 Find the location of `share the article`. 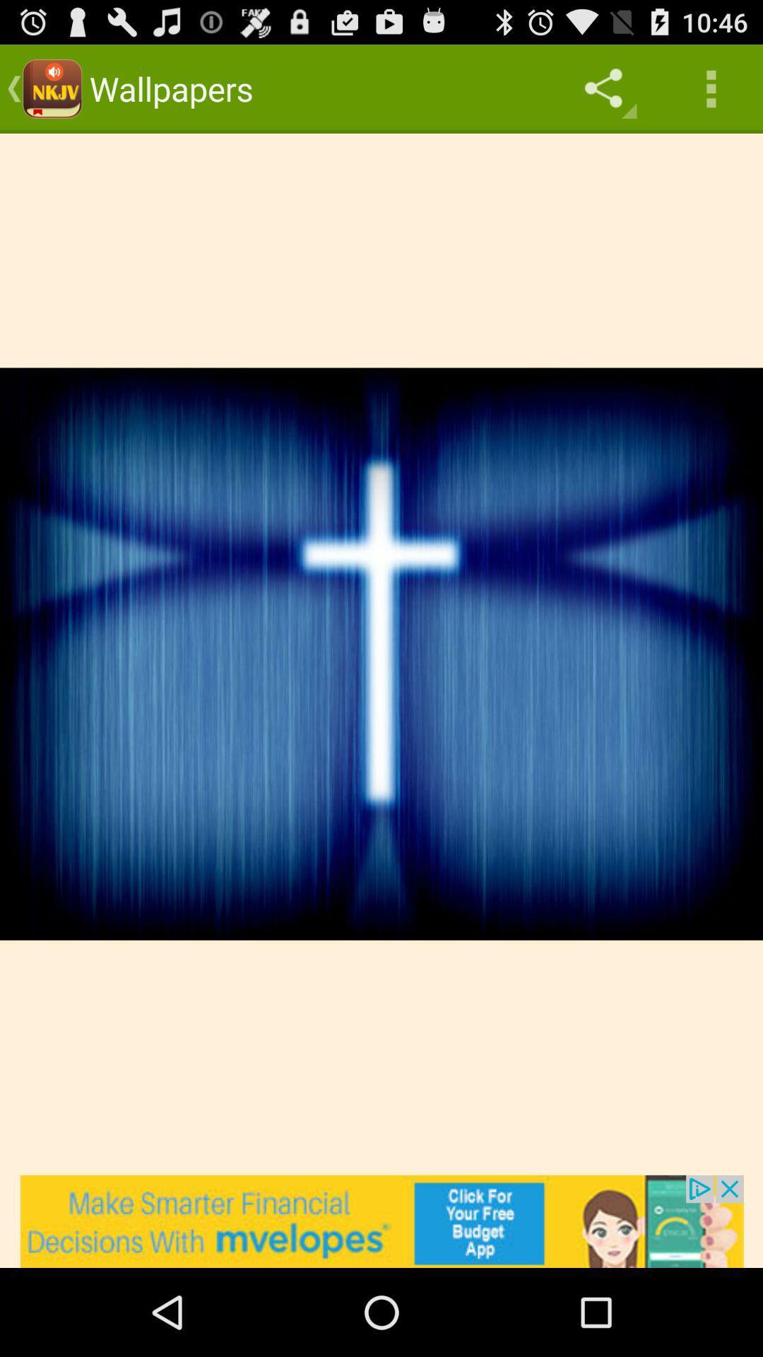

share the article is located at coordinates (381, 1221).